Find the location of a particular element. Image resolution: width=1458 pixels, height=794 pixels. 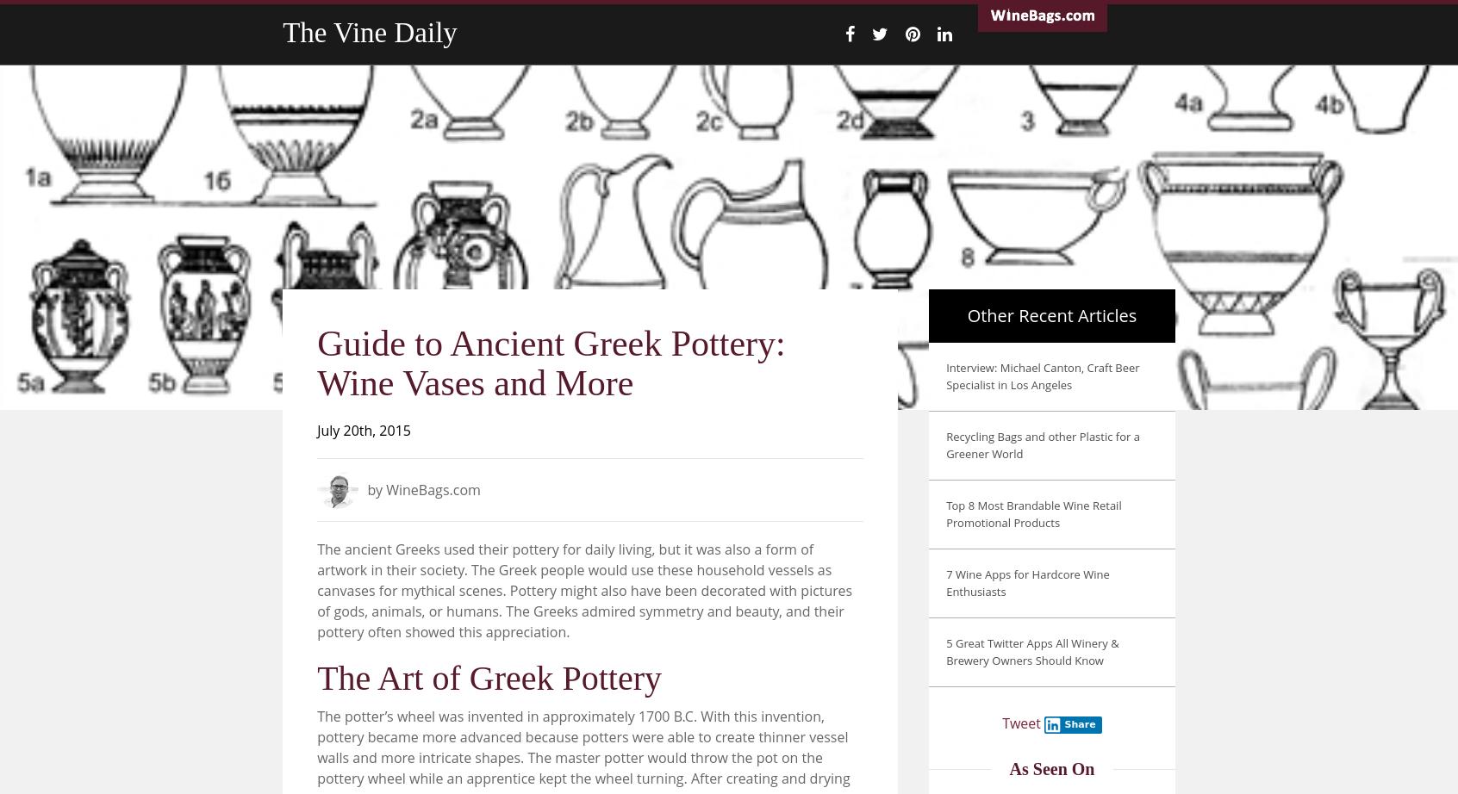

'The Vine Daily' is located at coordinates (282, 32).